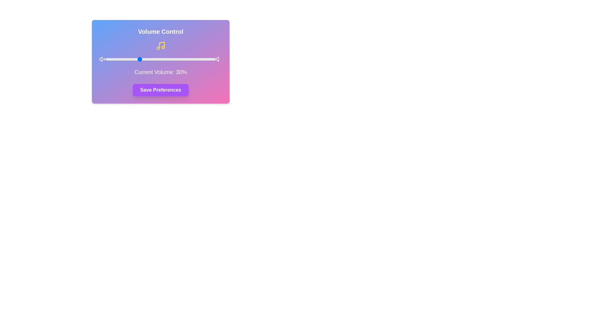 This screenshot has height=332, width=590. Describe the element at coordinates (161, 90) in the screenshot. I see `the 'Save Preferences' button to save the current volume setting` at that location.